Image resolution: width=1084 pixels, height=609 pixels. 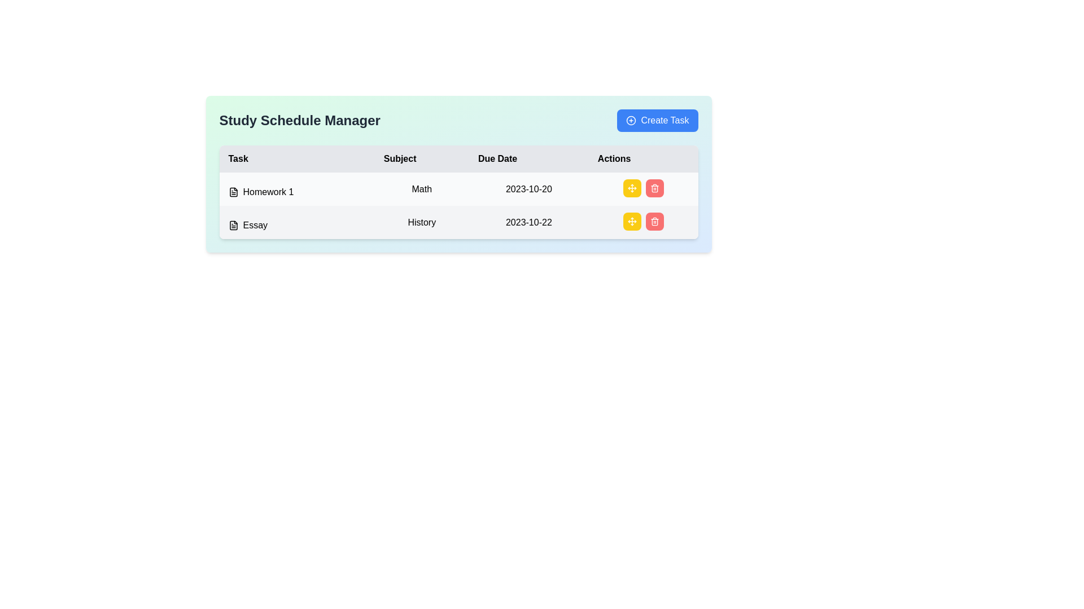 What do you see at coordinates (631, 222) in the screenshot?
I see `the yellow circular icon button in the 'Actions' column of the second row in the 'Study Schedule Manager' table to modify task placement` at bounding box center [631, 222].